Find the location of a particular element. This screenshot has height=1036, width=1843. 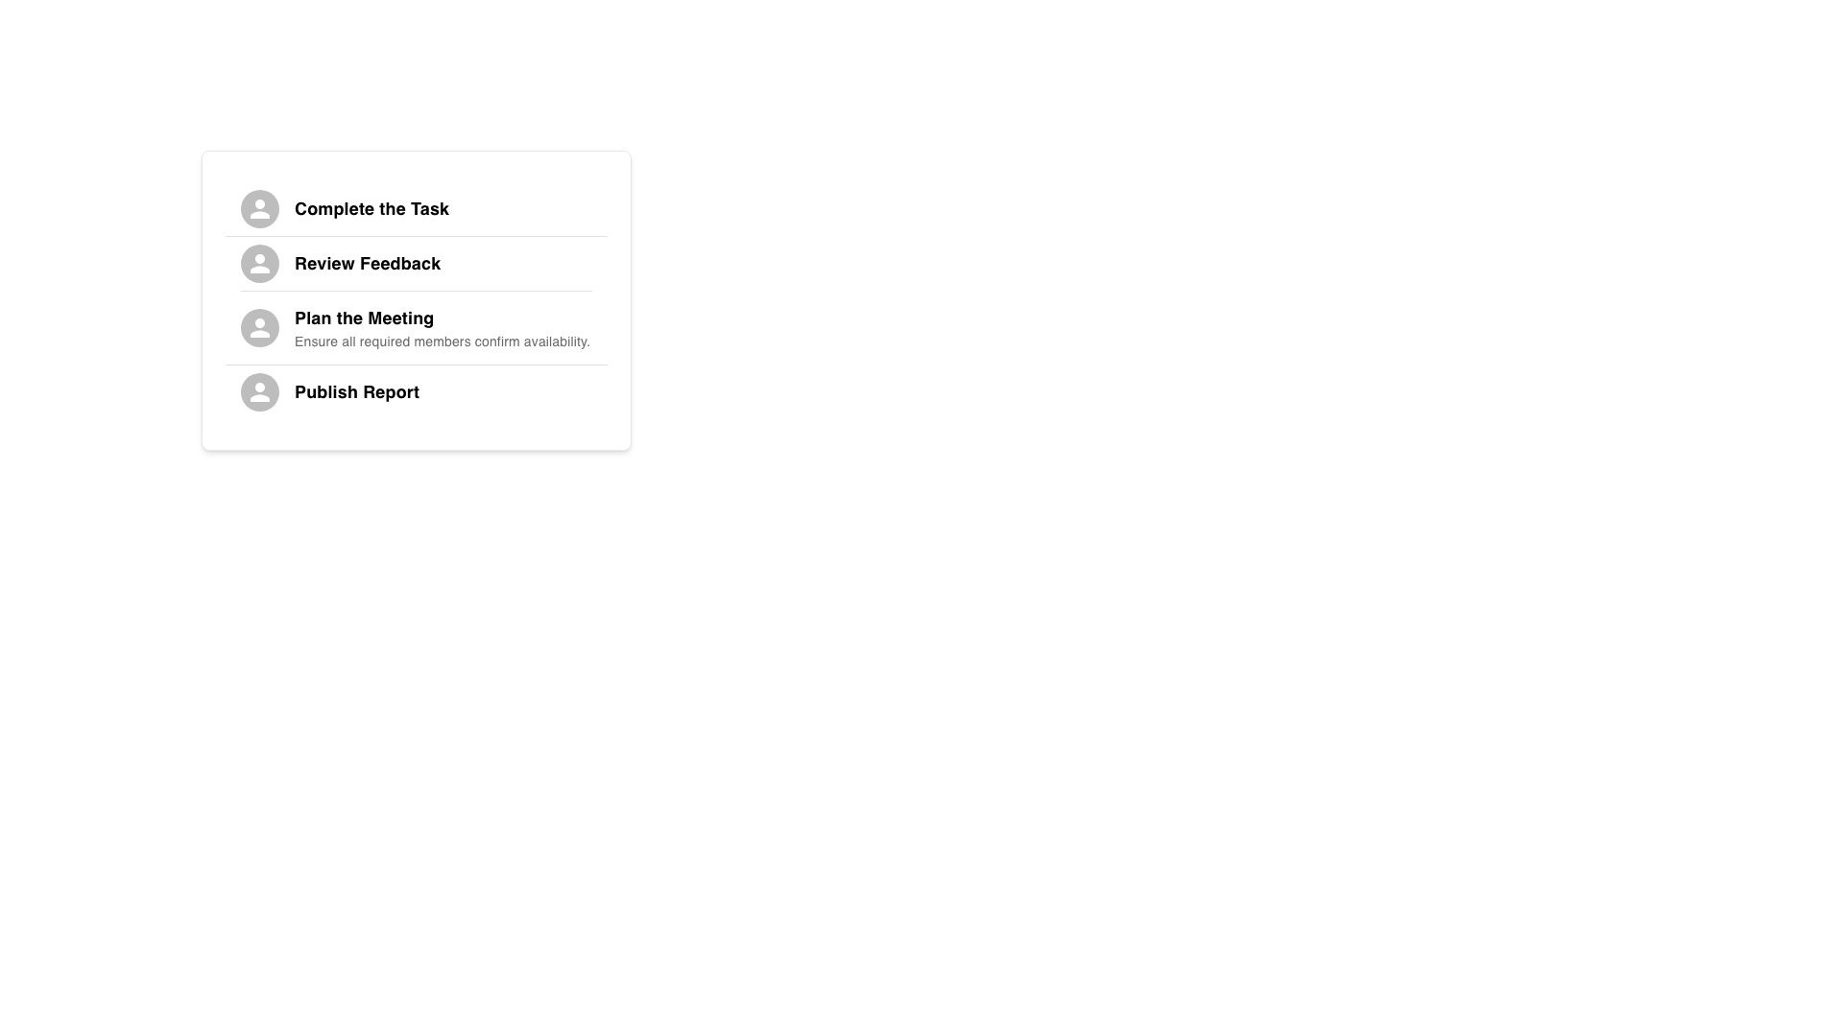

on the third task item in the task management interface is located at coordinates (415, 327).